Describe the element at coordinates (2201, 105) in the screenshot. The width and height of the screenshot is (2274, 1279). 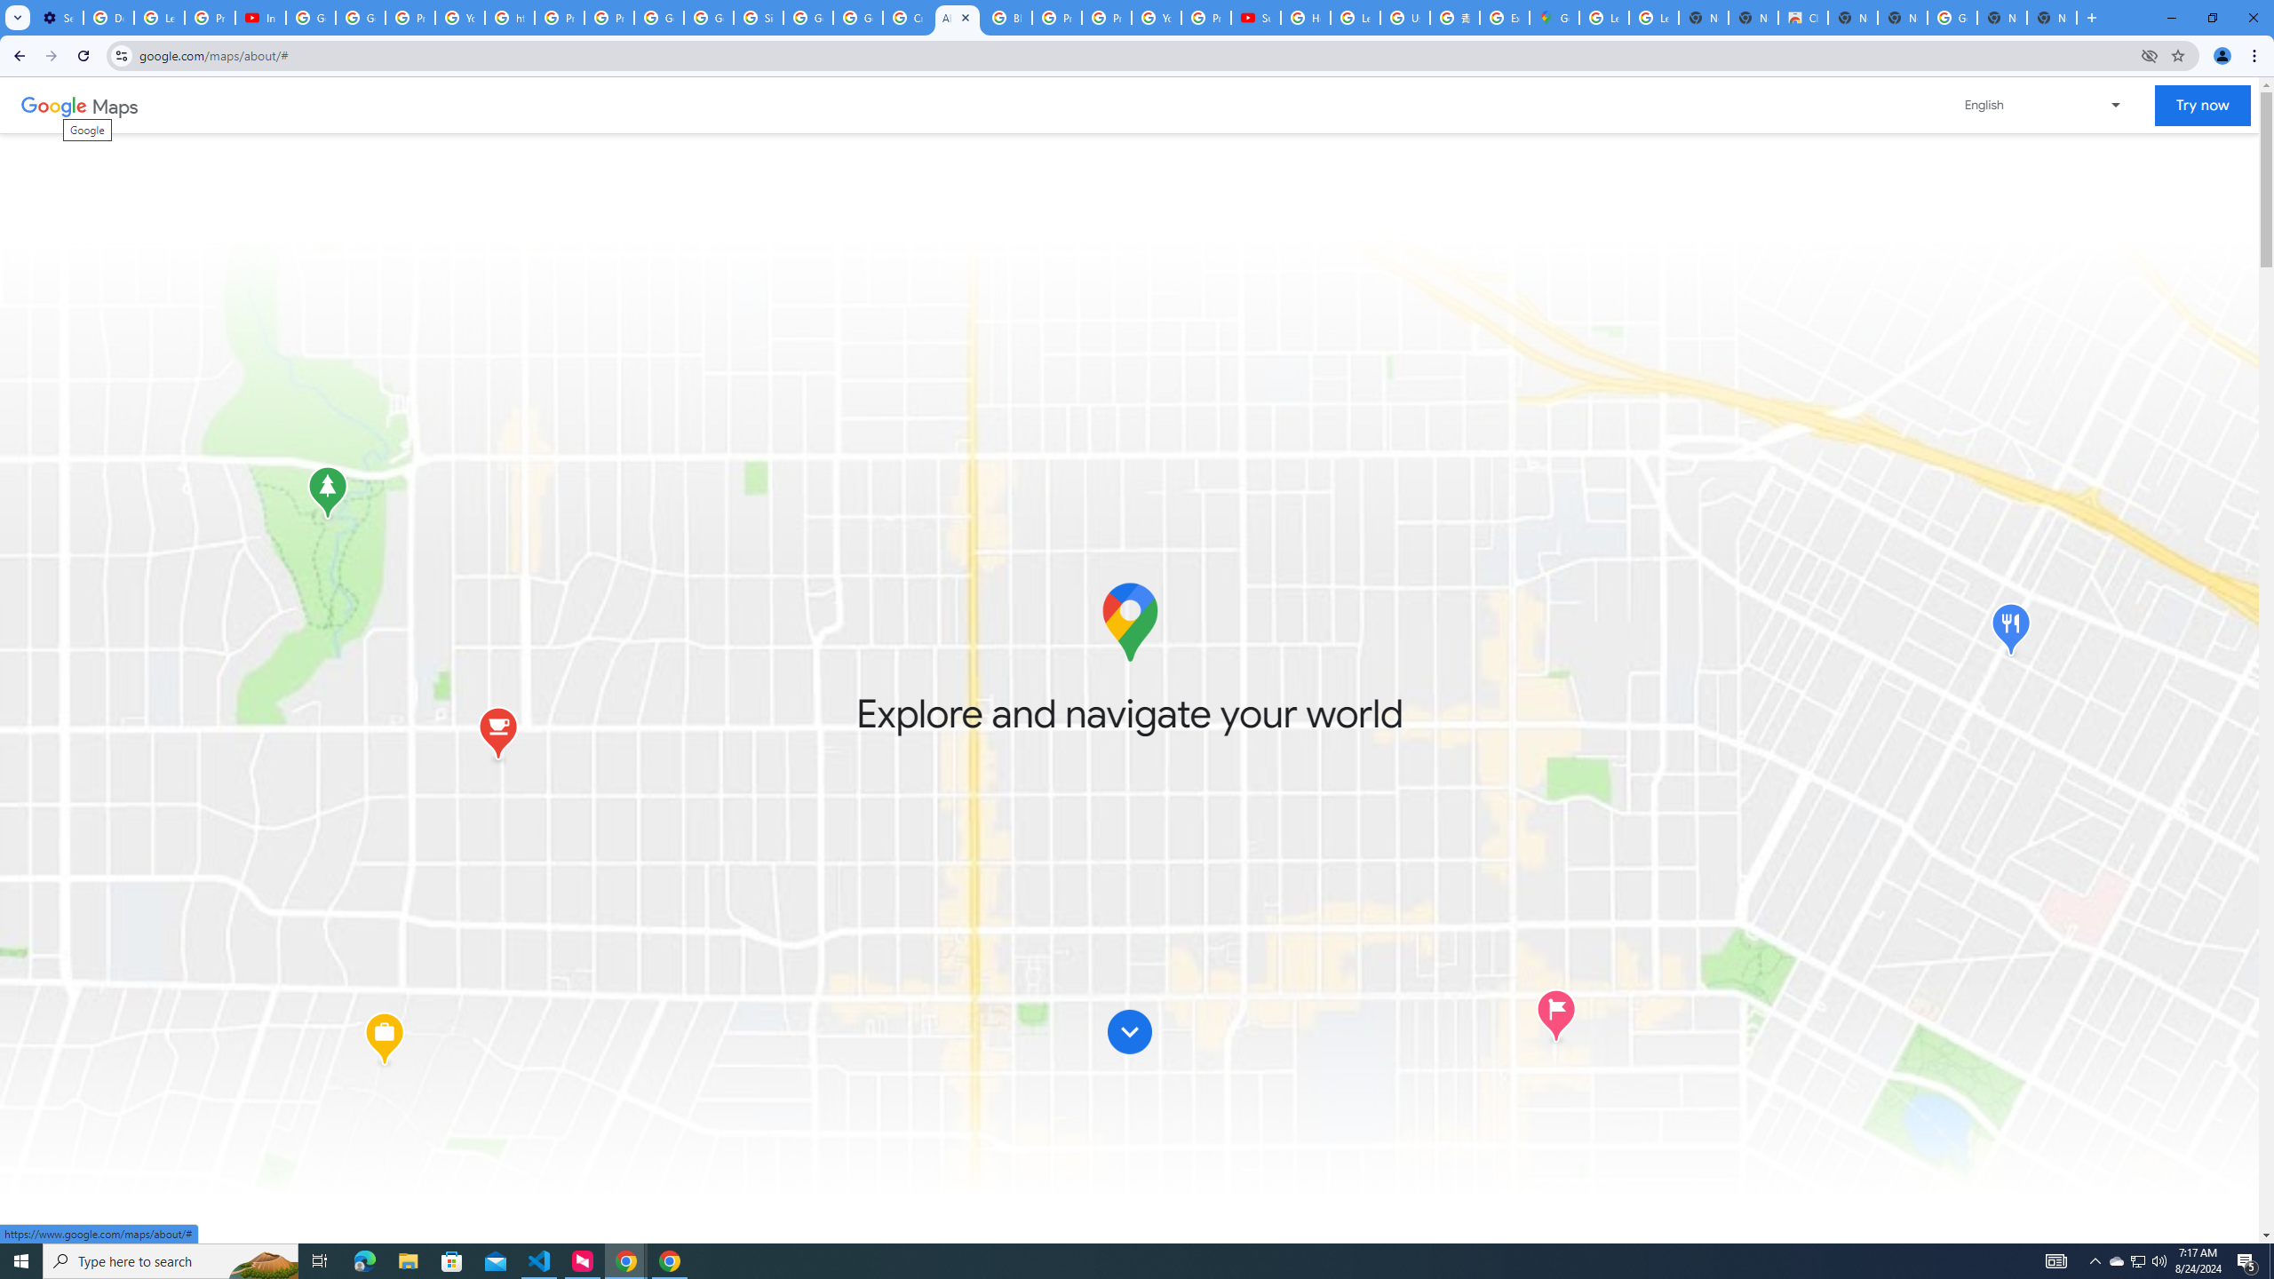
I see `'Try now'` at that location.